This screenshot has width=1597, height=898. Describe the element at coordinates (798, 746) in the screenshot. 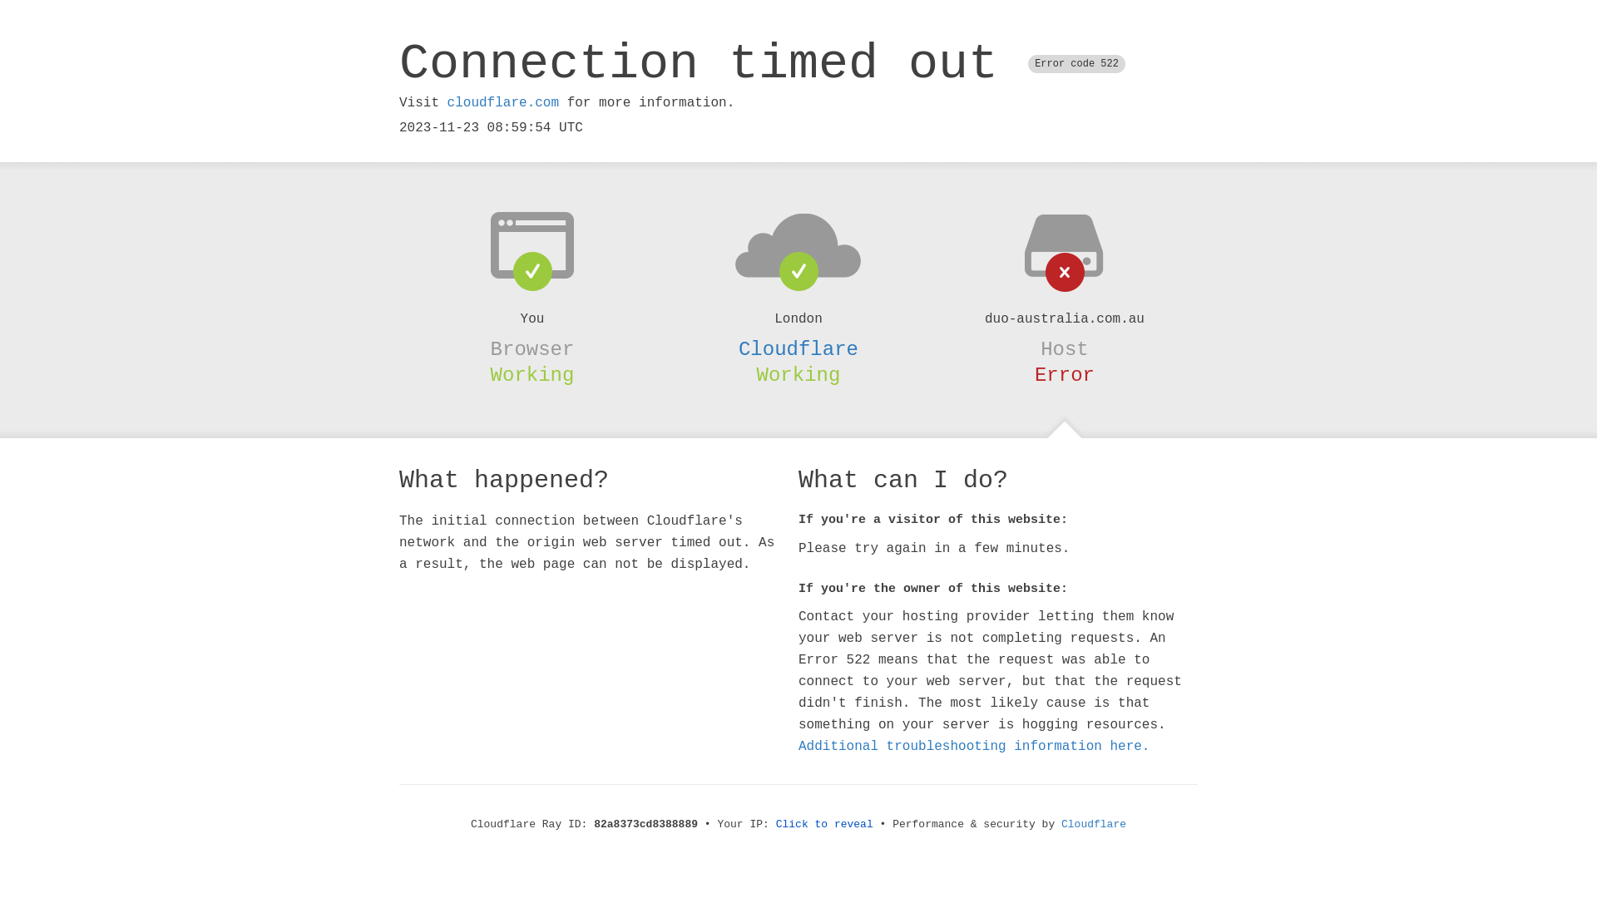

I see `'Additional troubleshooting information here.'` at that location.